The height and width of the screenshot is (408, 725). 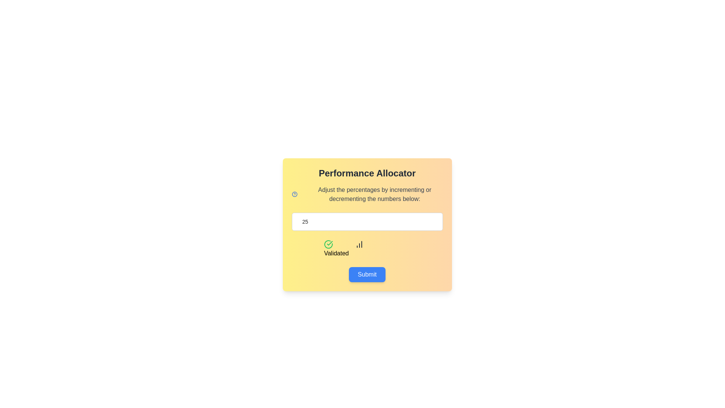 I want to click on the instructional static text block located below the 'Performance Allocator' heading, which guides users on the numeric input field below, so click(x=375, y=194).